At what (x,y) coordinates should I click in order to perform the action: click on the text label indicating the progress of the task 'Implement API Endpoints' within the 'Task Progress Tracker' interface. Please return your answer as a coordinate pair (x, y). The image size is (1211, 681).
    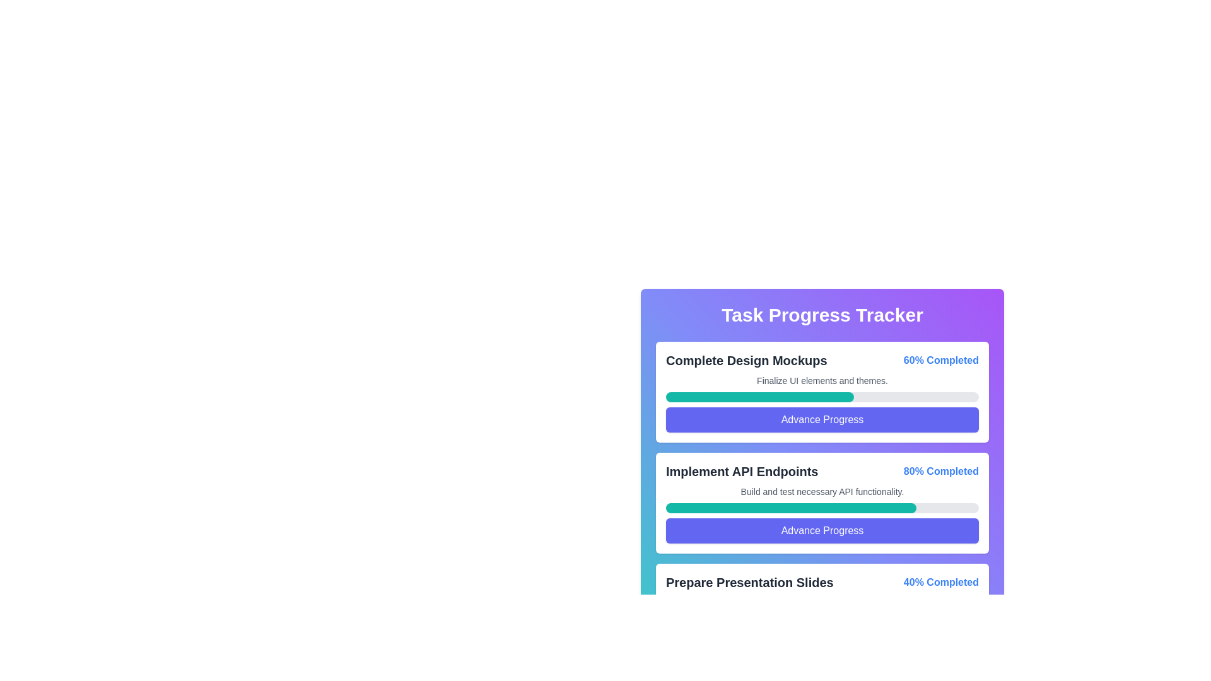
    Looking at the image, I should click on (941, 472).